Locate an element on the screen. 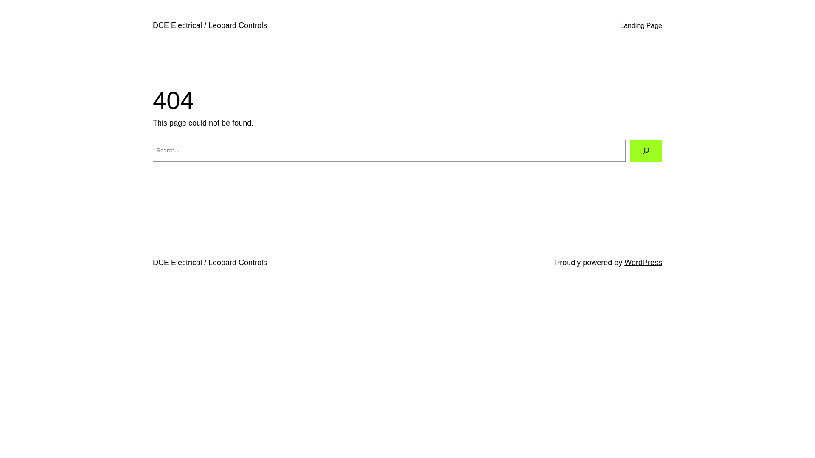 The image size is (815, 458). 'DCE Electrical / Leopard Controls' is located at coordinates (210, 25).